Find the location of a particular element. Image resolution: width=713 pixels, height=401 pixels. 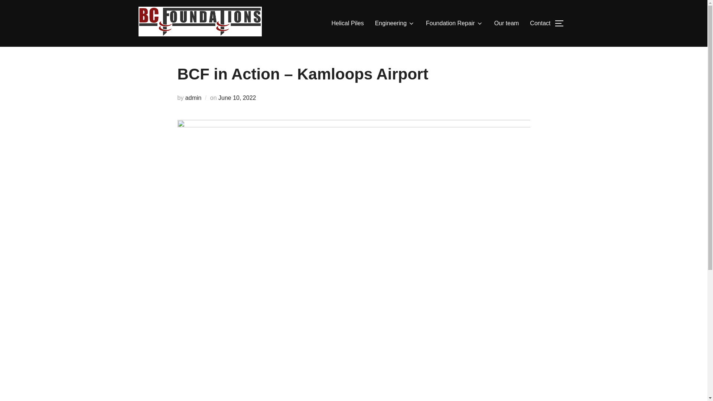

'Foundation Repair' is located at coordinates (454, 23).